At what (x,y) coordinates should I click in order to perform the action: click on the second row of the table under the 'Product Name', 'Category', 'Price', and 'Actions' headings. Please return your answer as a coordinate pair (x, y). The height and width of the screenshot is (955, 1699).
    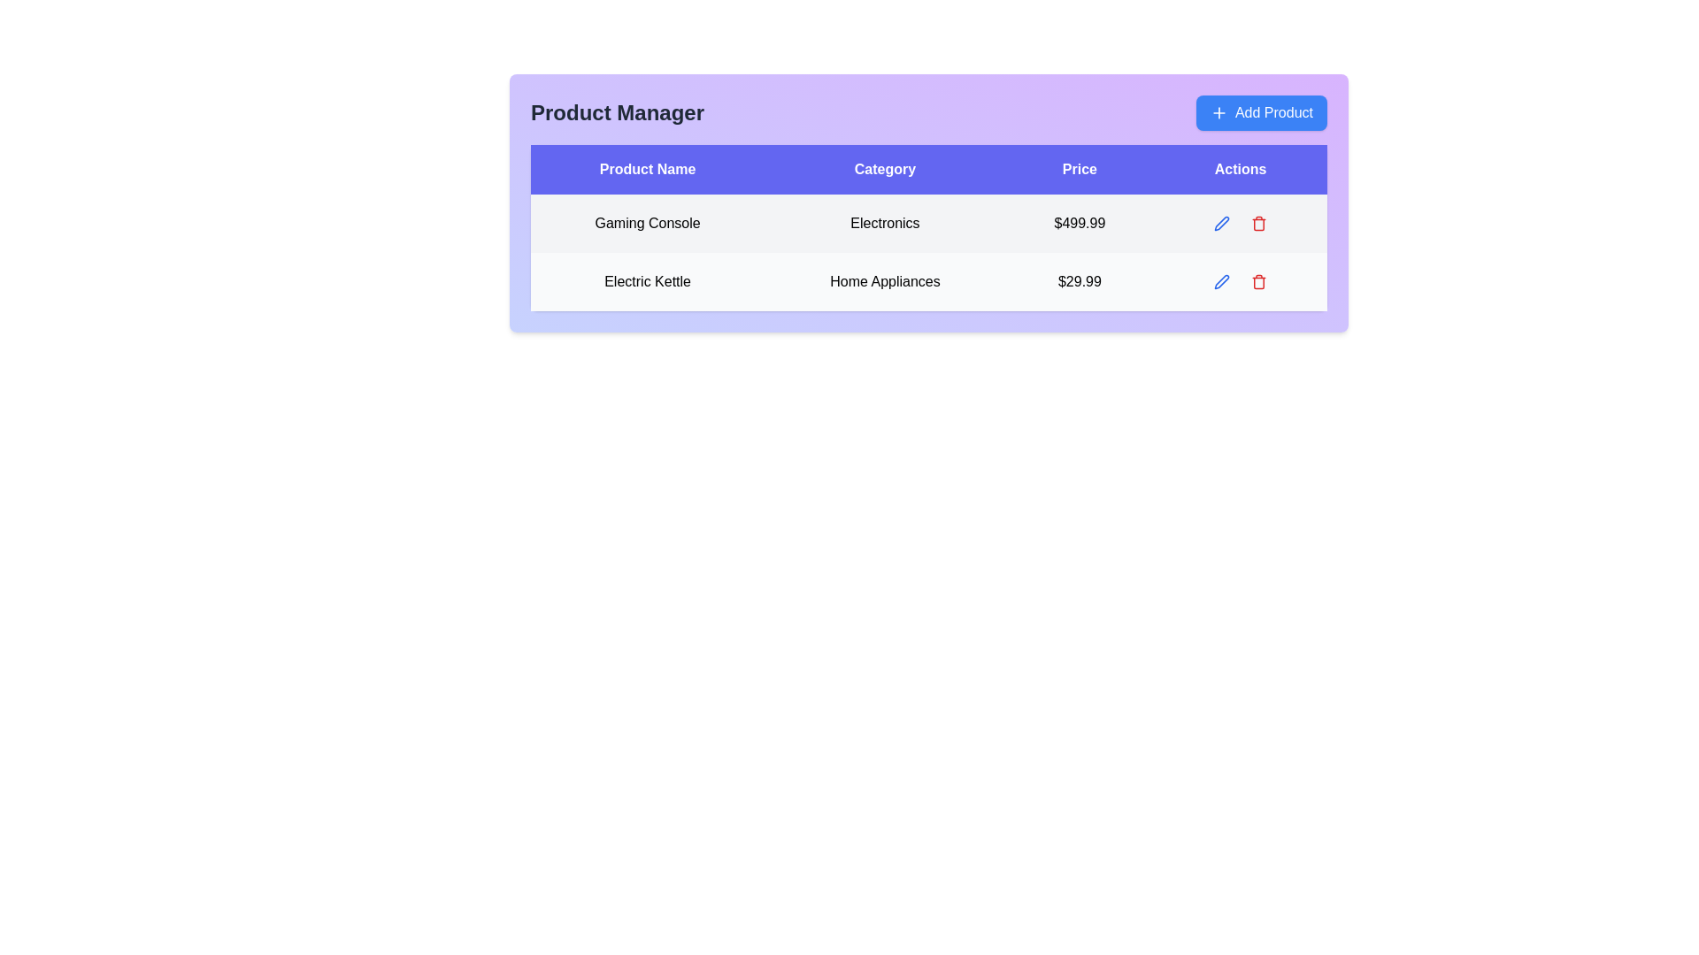
    Looking at the image, I should click on (928, 252).